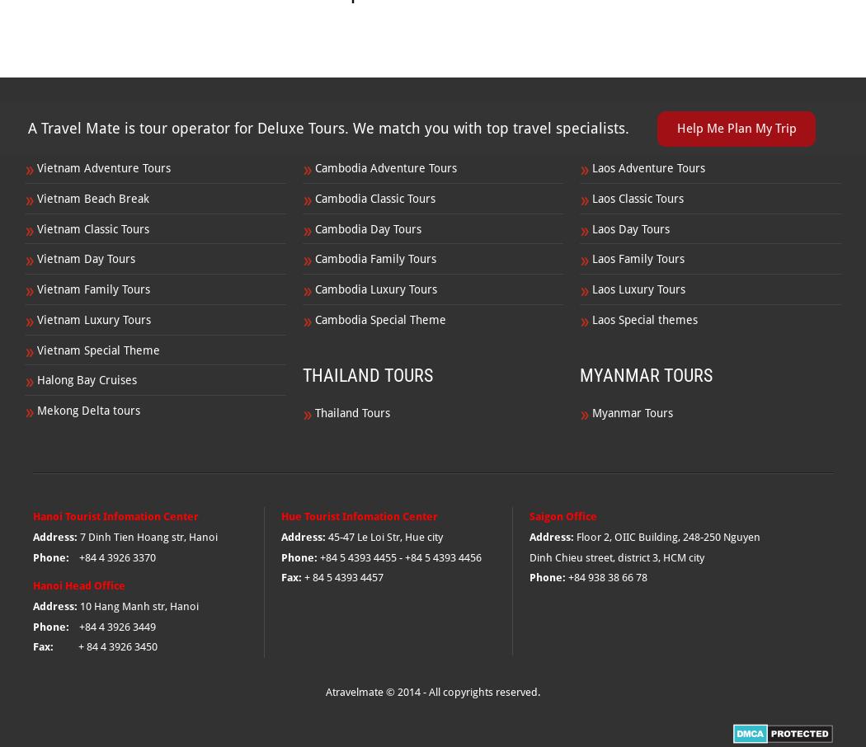  Describe the element at coordinates (85, 130) in the screenshot. I see `'Vietnam Tours'` at that location.